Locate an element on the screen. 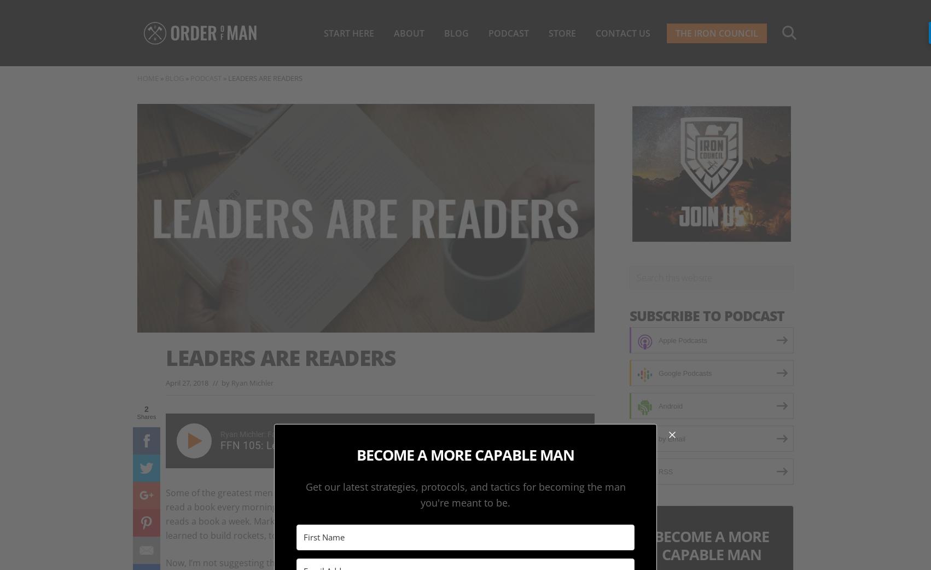 This screenshot has height=570, width=931. 'April 27, 2018' is located at coordinates (187, 381).